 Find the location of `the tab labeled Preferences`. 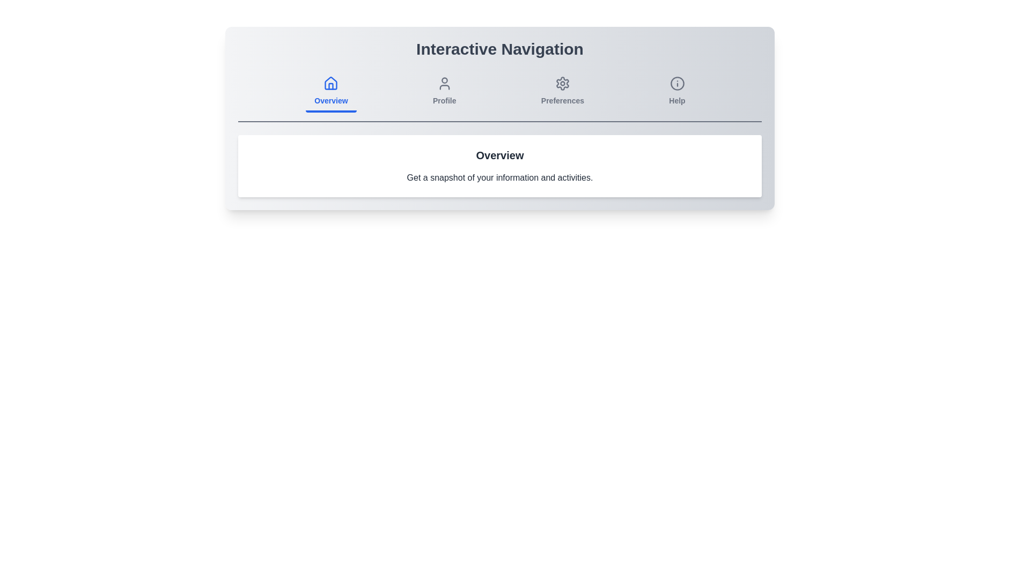

the tab labeled Preferences is located at coordinates (562, 92).